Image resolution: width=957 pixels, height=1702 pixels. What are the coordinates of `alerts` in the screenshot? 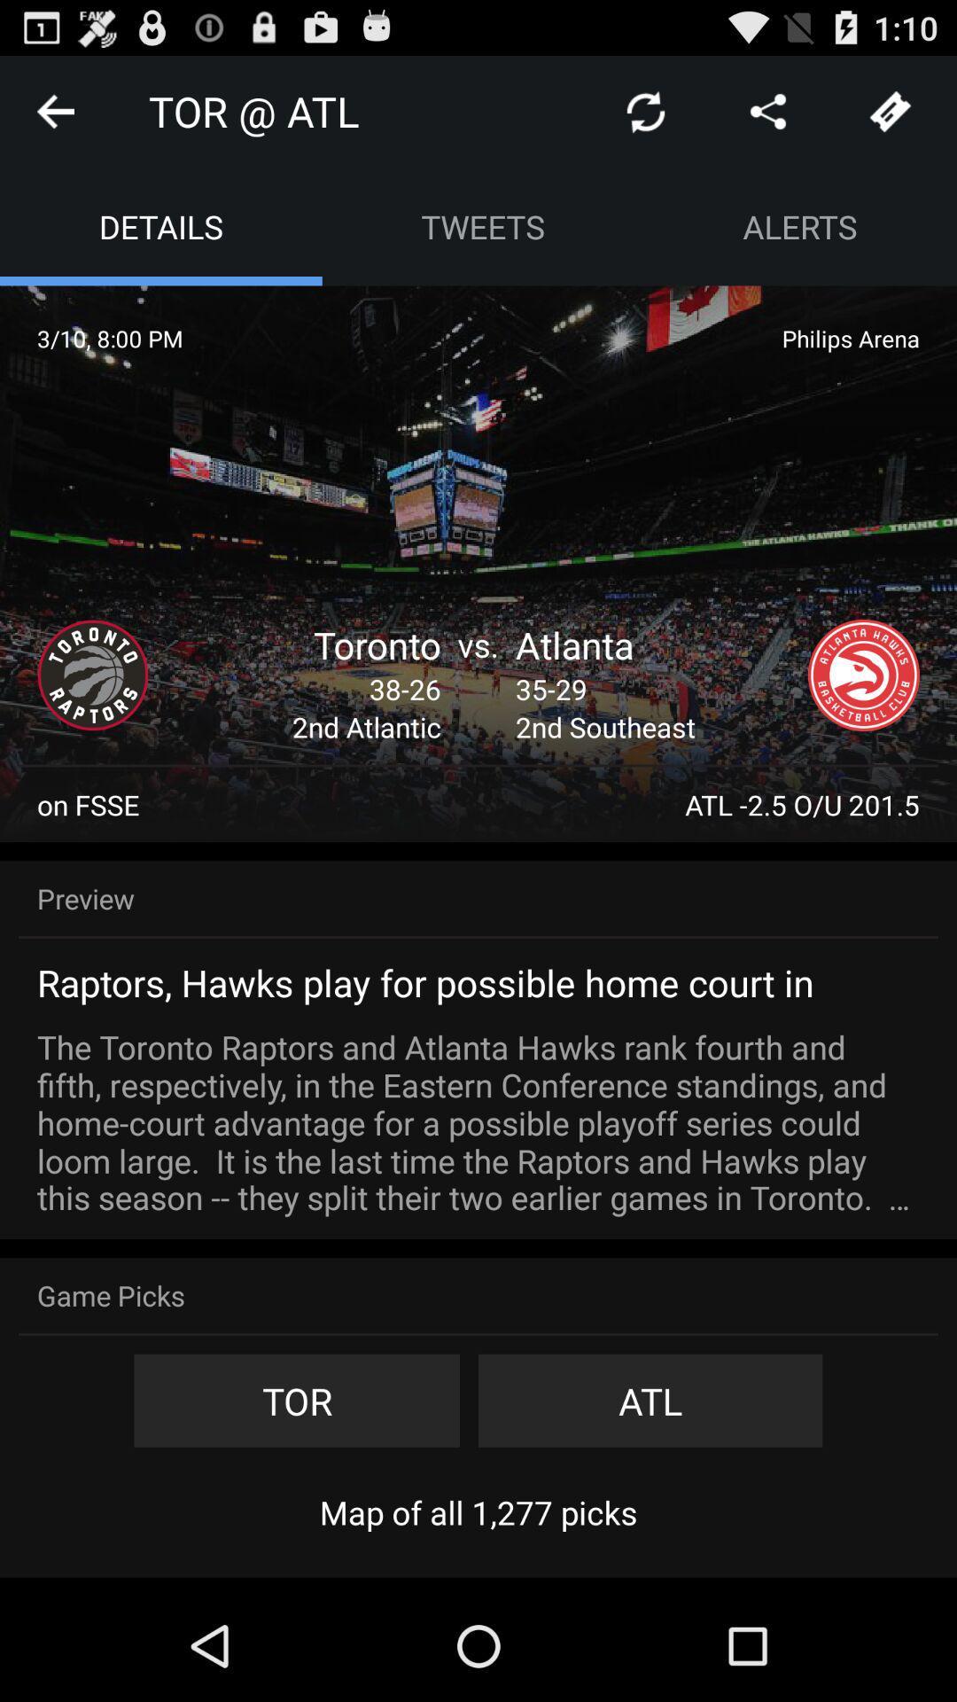 It's located at (800, 225).